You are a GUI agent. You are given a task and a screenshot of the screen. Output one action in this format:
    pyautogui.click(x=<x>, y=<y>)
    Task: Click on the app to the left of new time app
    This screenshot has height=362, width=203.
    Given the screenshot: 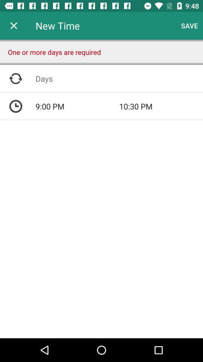 What is the action you would take?
    pyautogui.click(x=14, y=26)
    